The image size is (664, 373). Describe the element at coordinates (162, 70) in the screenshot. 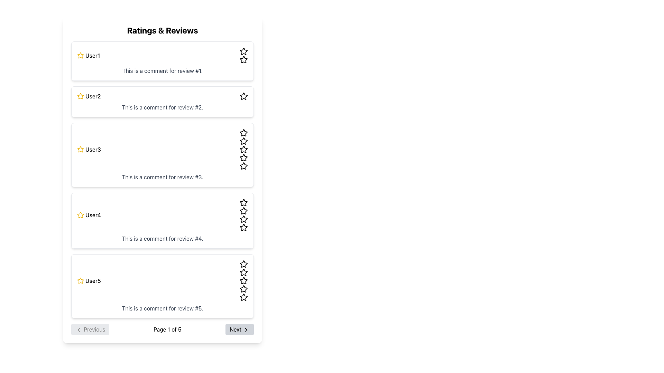

I see `text displayed in the detailed comment label associated with 'User1's review, located beneath the username and rating stars in the first review card` at that location.